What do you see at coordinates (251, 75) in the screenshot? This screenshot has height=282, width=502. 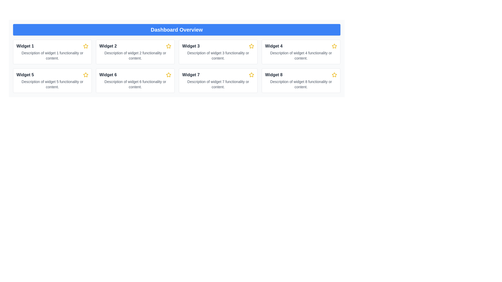 I see `the star icon with a yellow outline and white interior located in the top-right corner of the 'Widget 7' card in the grid layout` at bounding box center [251, 75].